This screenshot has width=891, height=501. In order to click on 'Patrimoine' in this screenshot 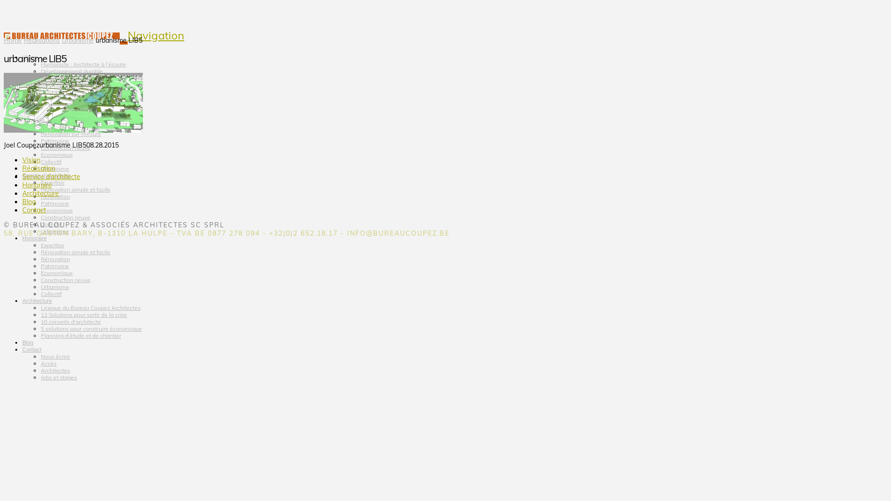, I will do `click(54, 203)`.